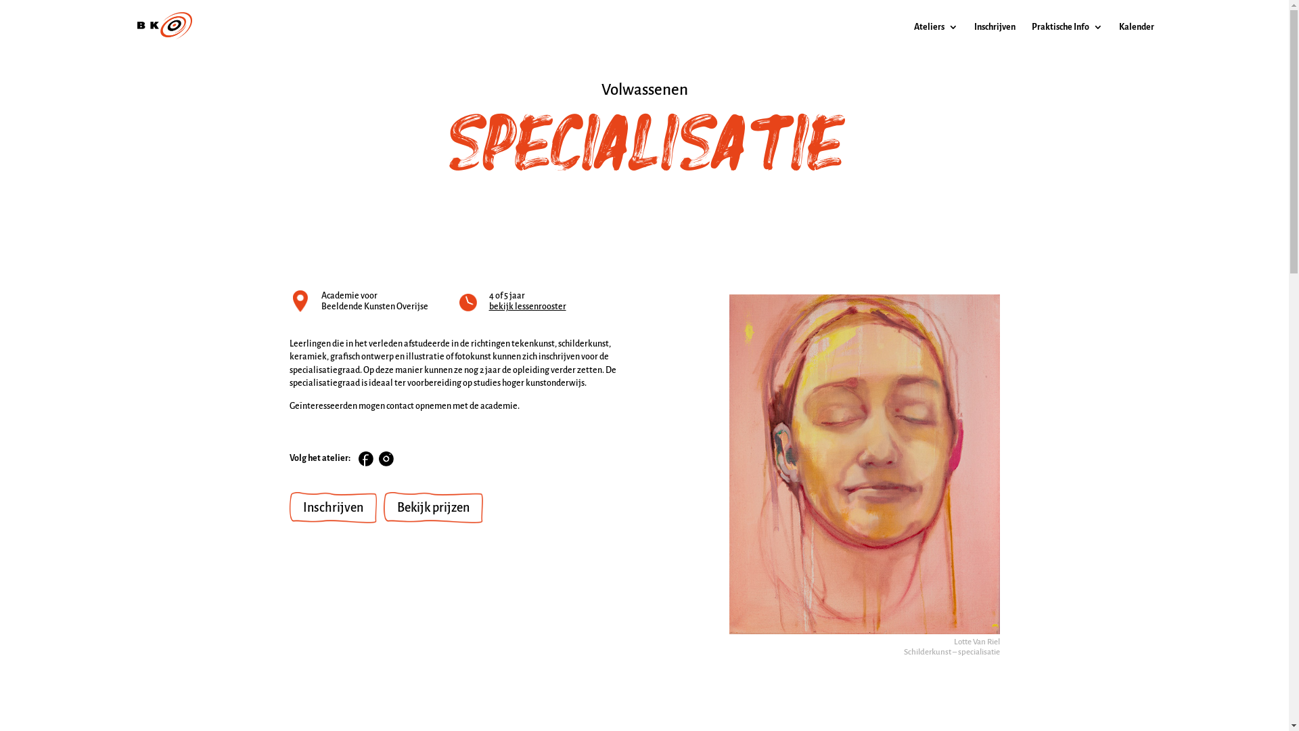  What do you see at coordinates (643, 89) in the screenshot?
I see `'Volwassenen'` at bounding box center [643, 89].